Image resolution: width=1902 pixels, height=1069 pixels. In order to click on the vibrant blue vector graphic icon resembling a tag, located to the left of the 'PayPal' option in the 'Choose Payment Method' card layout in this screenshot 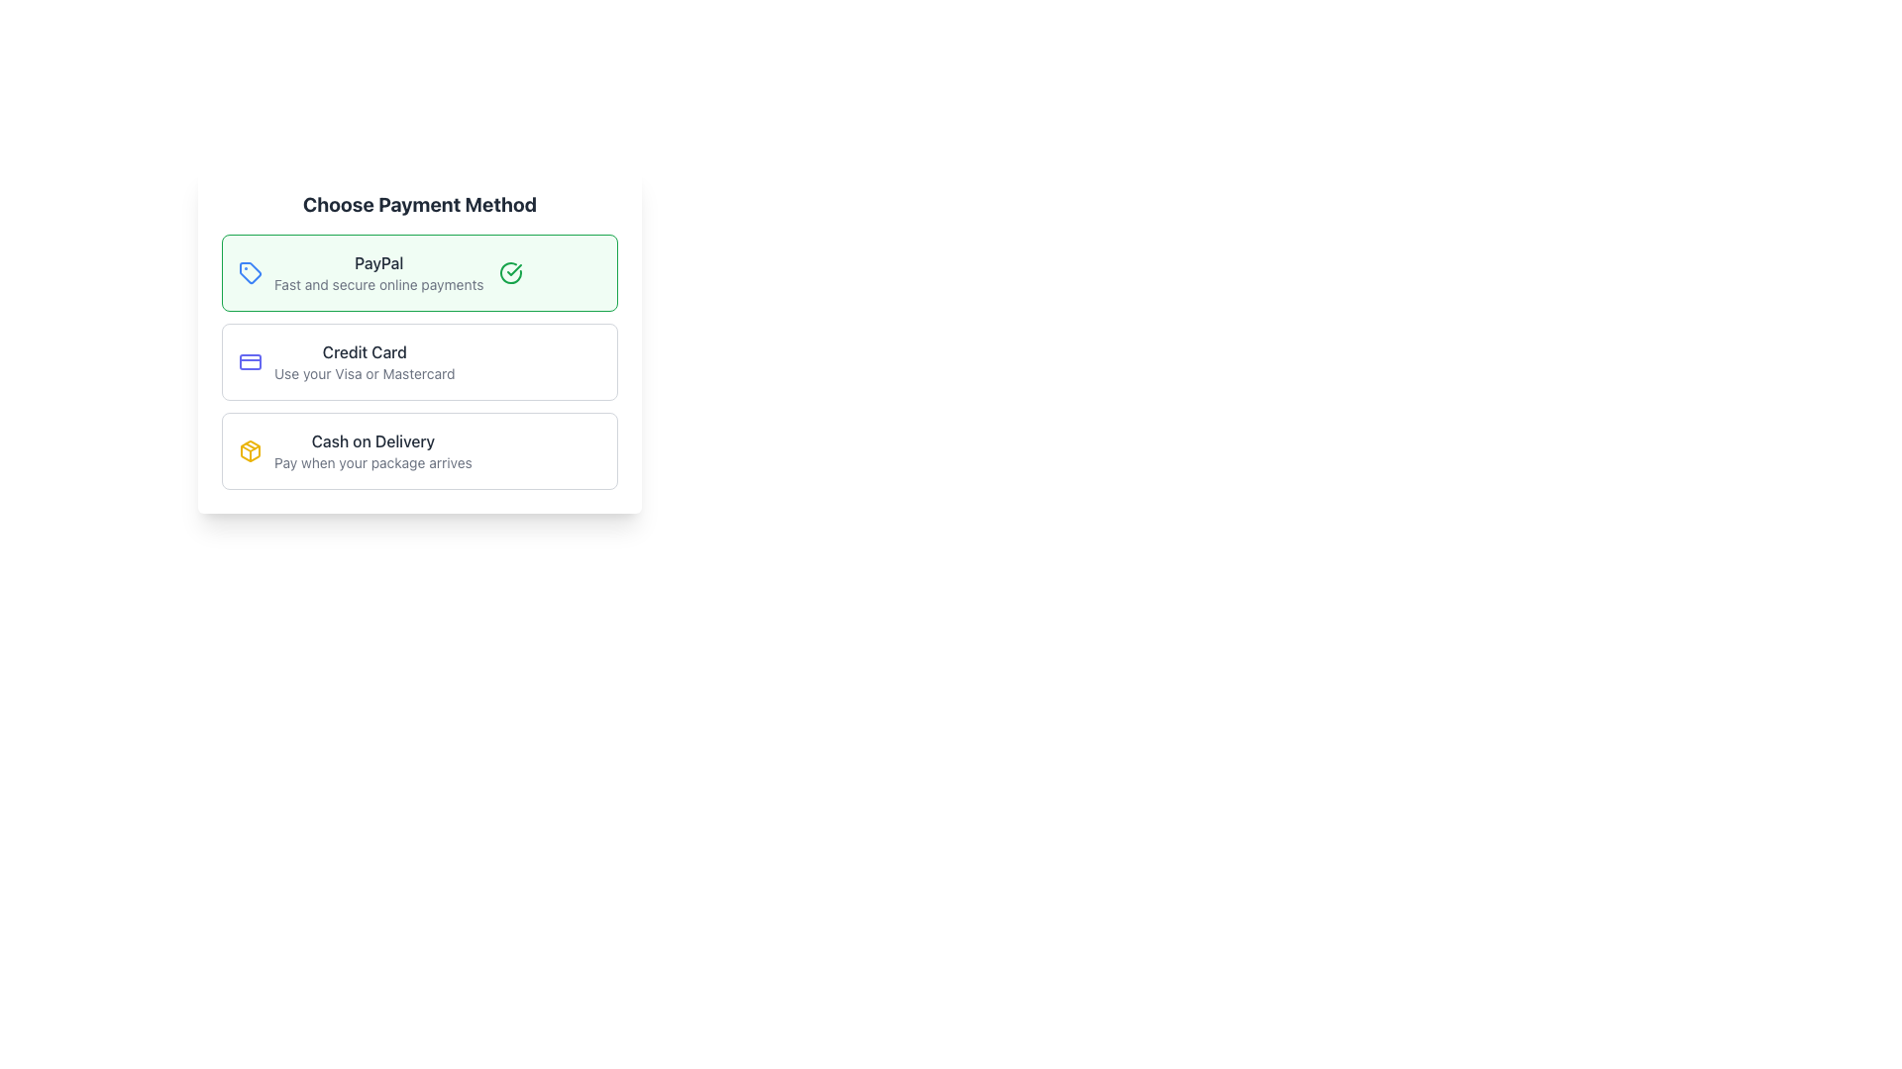, I will do `click(250, 273)`.